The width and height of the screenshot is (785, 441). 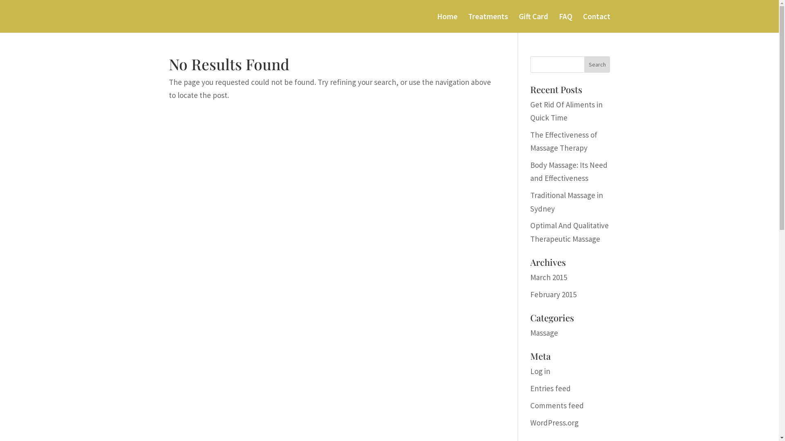 What do you see at coordinates (556, 405) in the screenshot?
I see `'Comments feed'` at bounding box center [556, 405].